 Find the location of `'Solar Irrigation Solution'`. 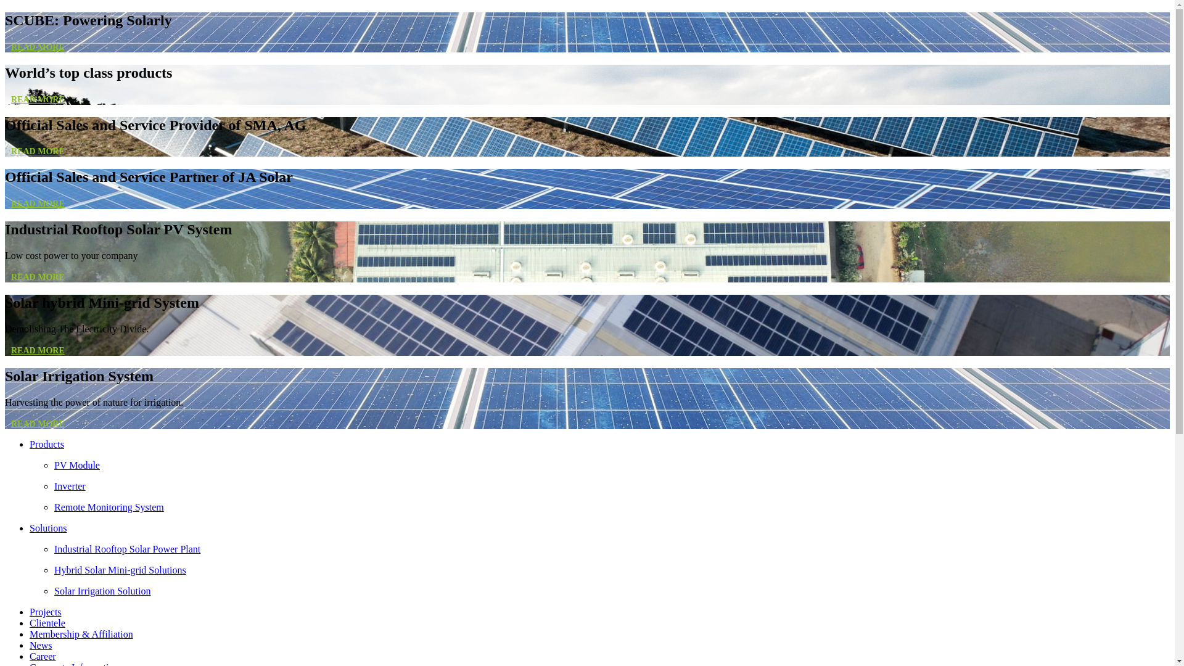

'Solar Irrigation Solution' is located at coordinates (612, 591).